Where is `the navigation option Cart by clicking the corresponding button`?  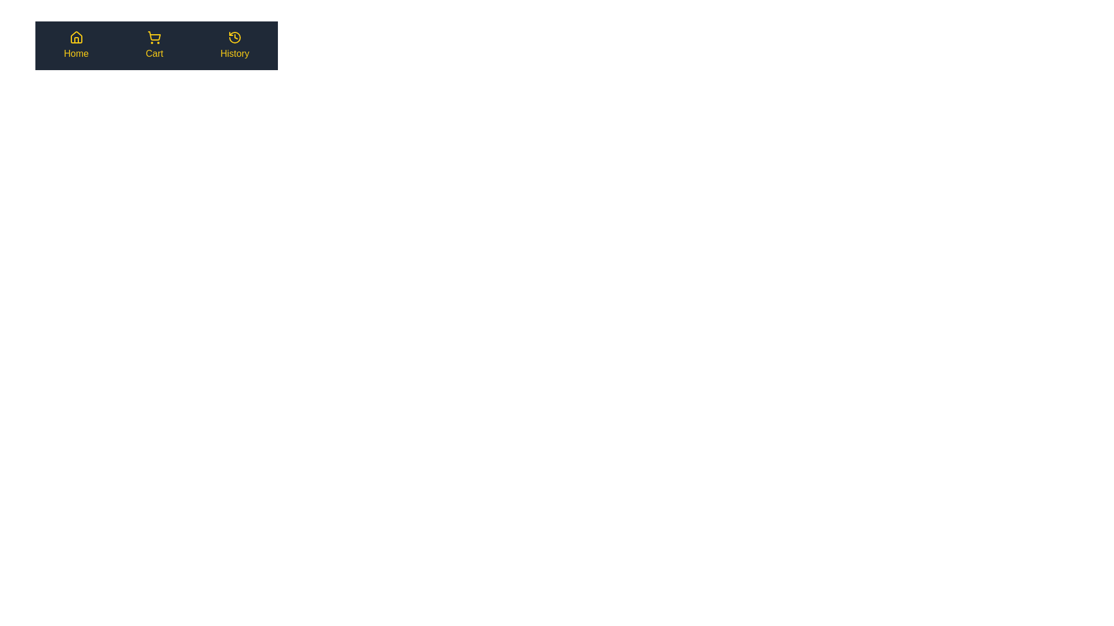 the navigation option Cart by clicking the corresponding button is located at coordinates (154, 45).